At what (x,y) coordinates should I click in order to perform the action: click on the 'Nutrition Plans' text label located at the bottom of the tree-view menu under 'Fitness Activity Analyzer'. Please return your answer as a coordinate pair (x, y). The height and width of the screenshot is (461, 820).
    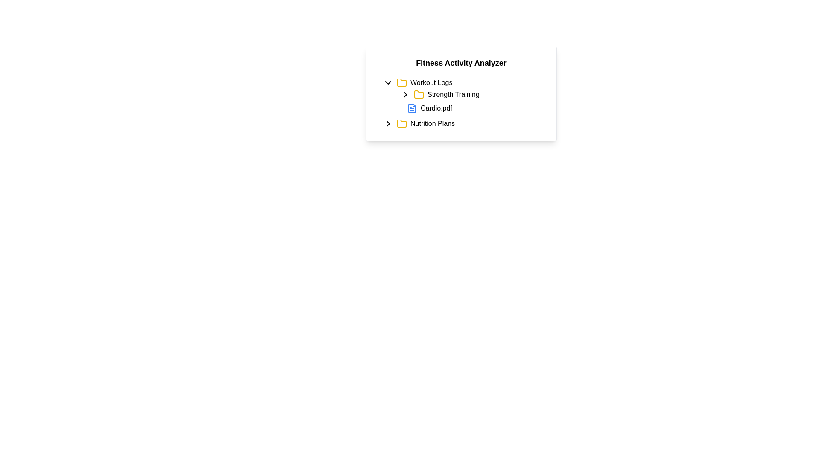
    Looking at the image, I should click on (432, 123).